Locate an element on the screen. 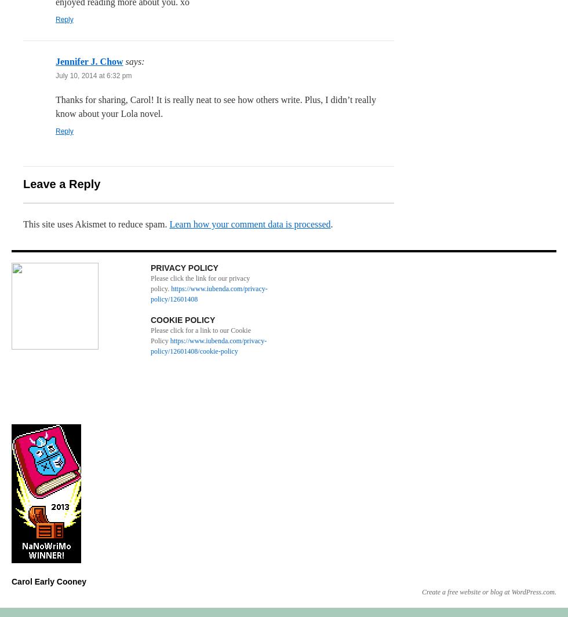 The width and height of the screenshot is (568, 617). 'https://www.iubenda.com/privacy-policy/12601408/cookie-policy' is located at coordinates (208, 344).